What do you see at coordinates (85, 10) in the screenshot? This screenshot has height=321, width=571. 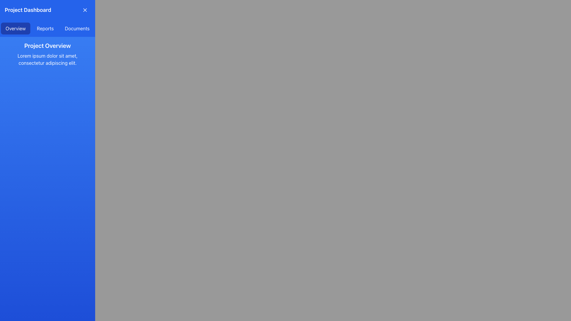 I see `the close button located in the top-right corner of the panel, adjacent to the 'Project Dashboard' heading` at bounding box center [85, 10].